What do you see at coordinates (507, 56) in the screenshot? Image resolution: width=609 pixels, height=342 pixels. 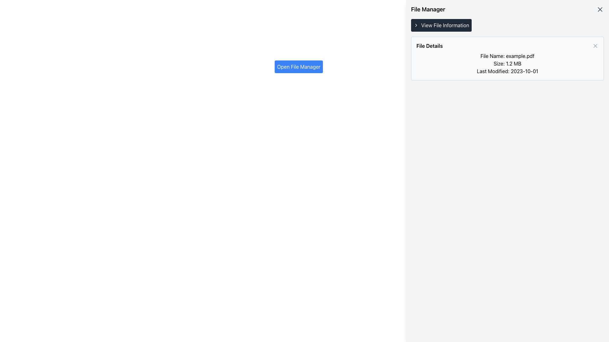 I see `the text label displaying 'File Name: example.pdf', which is the first label in a stack of three within the 'File Details' box on the right panel` at bounding box center [507, 56].